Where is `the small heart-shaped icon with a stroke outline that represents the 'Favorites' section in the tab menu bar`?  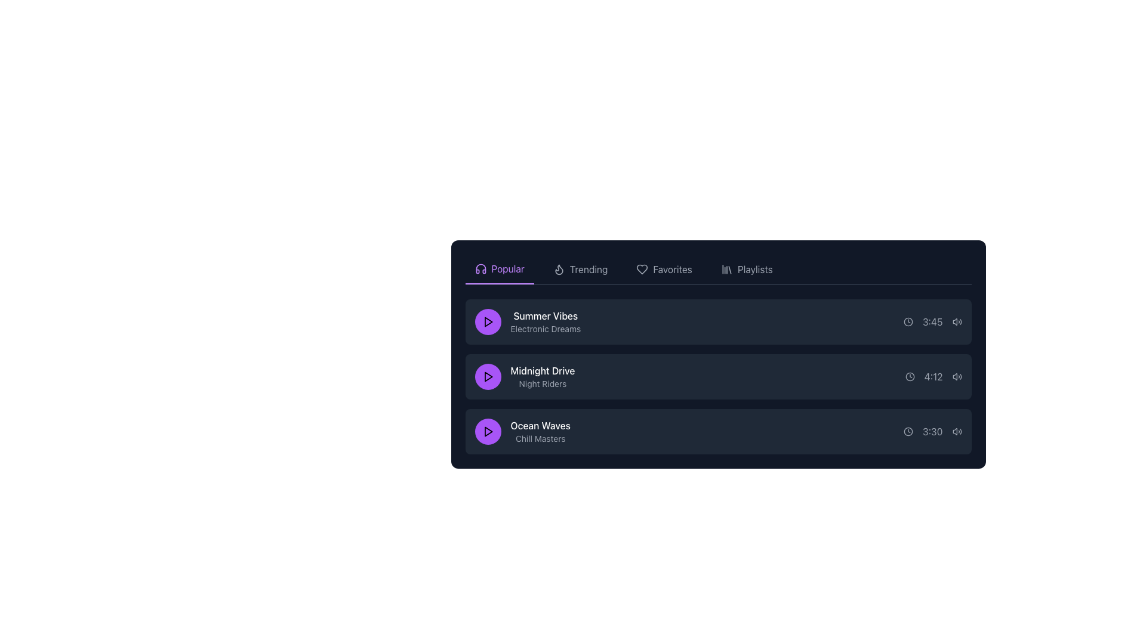 the small heart-shaped icon with a stroke outline that represents the 'Favorites' section in the tab menu bar is located at coordinates (642, 269).